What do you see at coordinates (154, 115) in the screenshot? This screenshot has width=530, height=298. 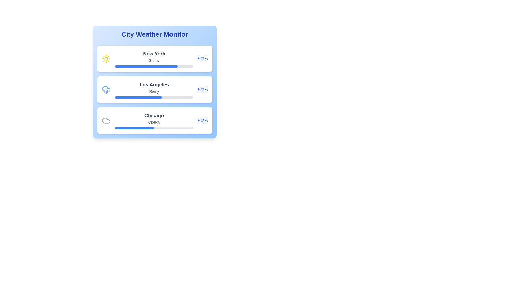 I see `the text label displaying 'Chicago' in a larger, bold font style, located in the third row of the weather monitoring interface` at bounding box center [154, 115].